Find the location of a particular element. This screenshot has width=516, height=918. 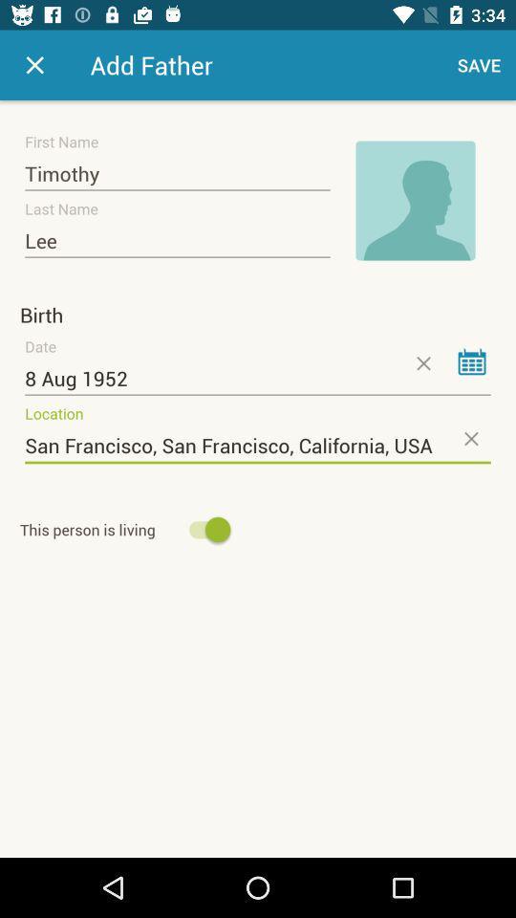

exit is located at coordinates (34, 65).